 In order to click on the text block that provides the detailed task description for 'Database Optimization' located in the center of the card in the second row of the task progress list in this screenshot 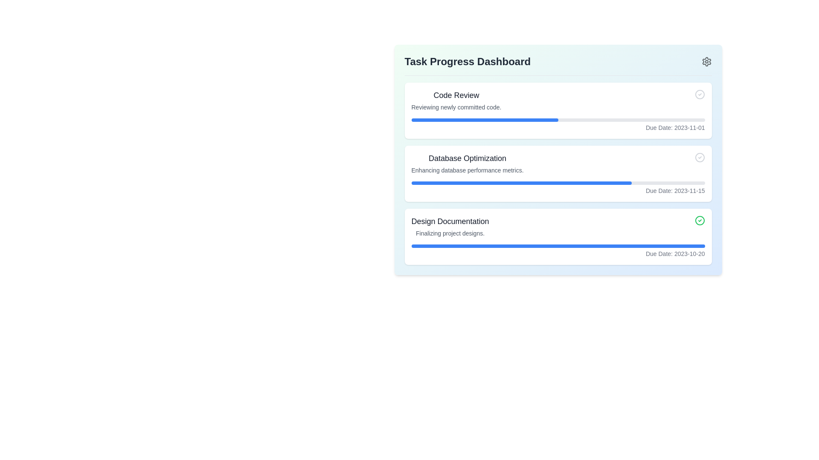, I will do `click(467, 164)`.